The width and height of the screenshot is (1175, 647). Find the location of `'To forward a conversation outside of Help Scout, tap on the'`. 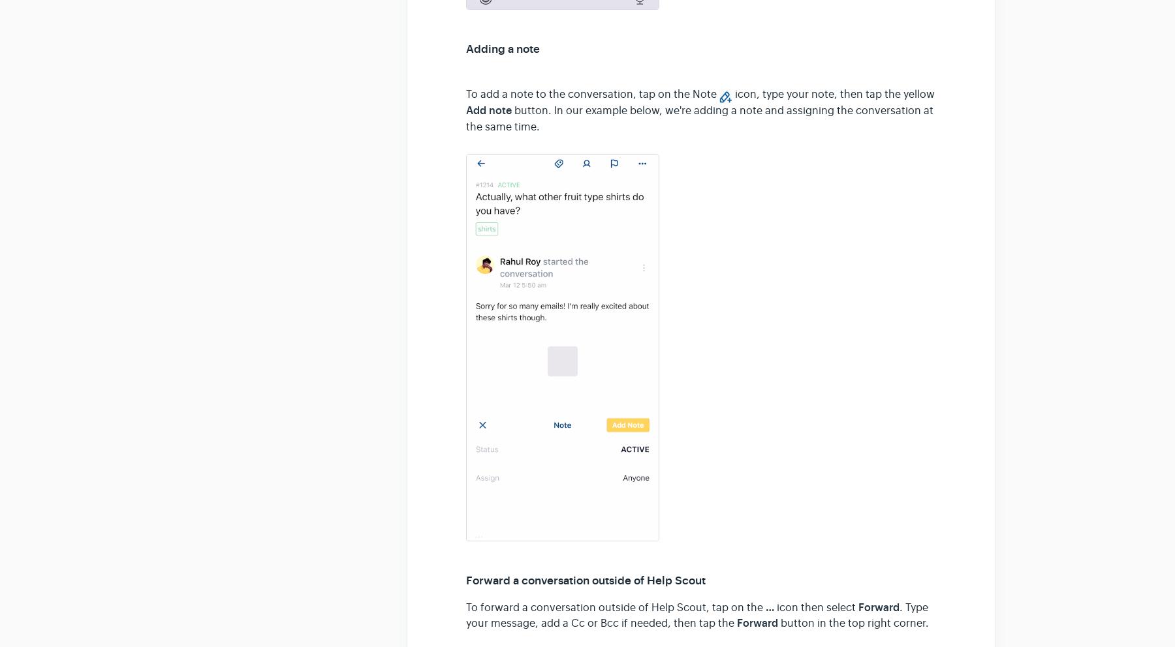

'To forward a conversation outside of Help Scout, tap on the' is located at coordinates (615, 606).